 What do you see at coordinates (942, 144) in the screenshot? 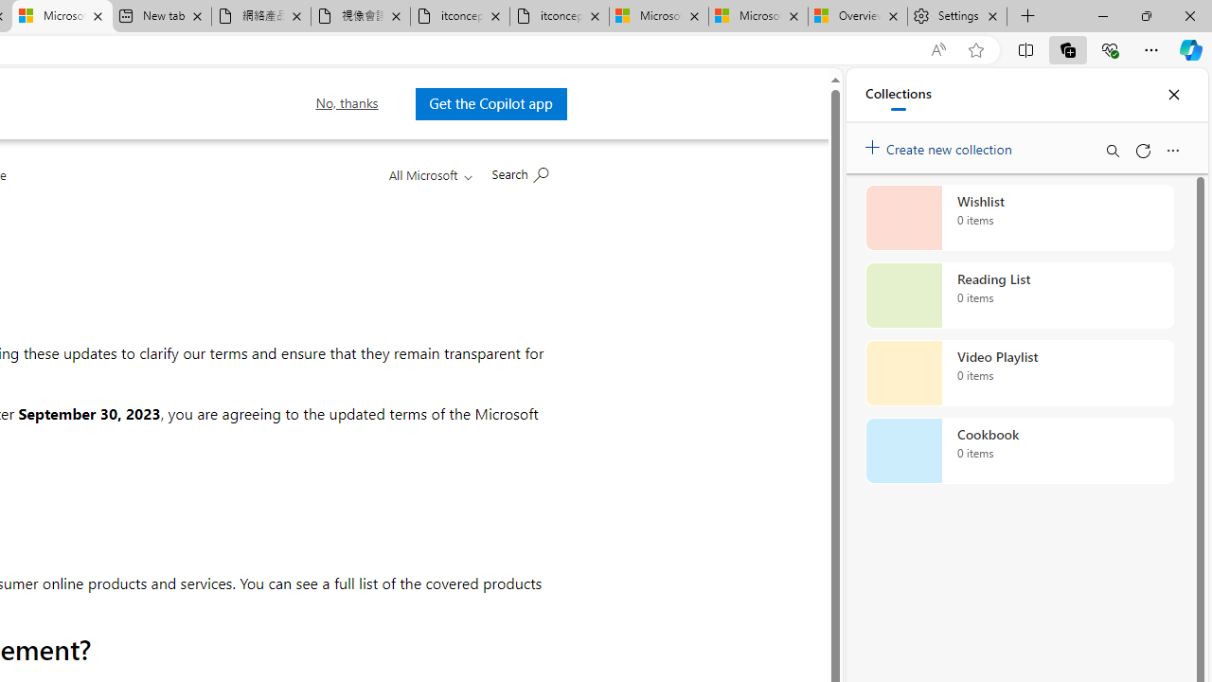
I see `'Create new collection'` at bounding box center [942, 144].